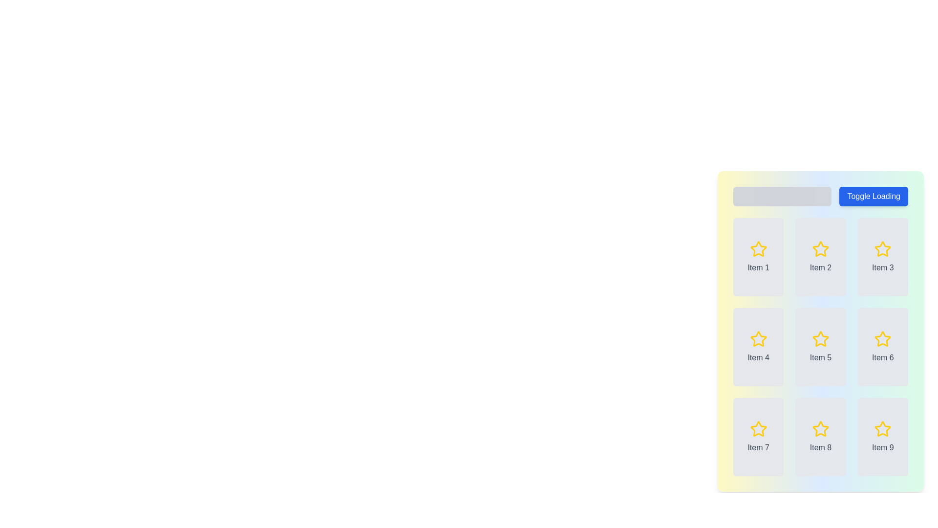  I want to click on the non-interactive star icon located above the text label of the card labeled 'Item 3' in the third position of the horizontal row, so click(883, 248).